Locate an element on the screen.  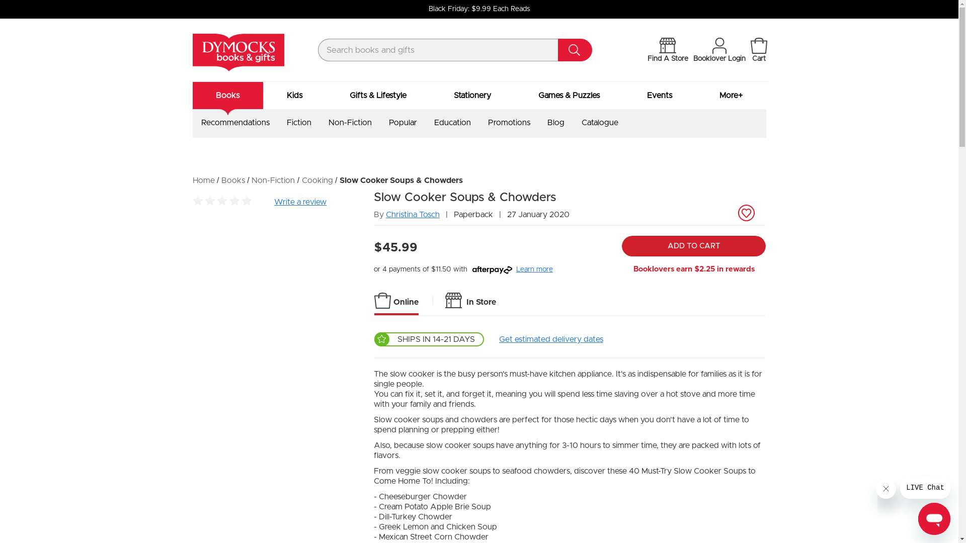
'Black Friday: $9.99 Each Reads' is located at coordinates (478, 9).